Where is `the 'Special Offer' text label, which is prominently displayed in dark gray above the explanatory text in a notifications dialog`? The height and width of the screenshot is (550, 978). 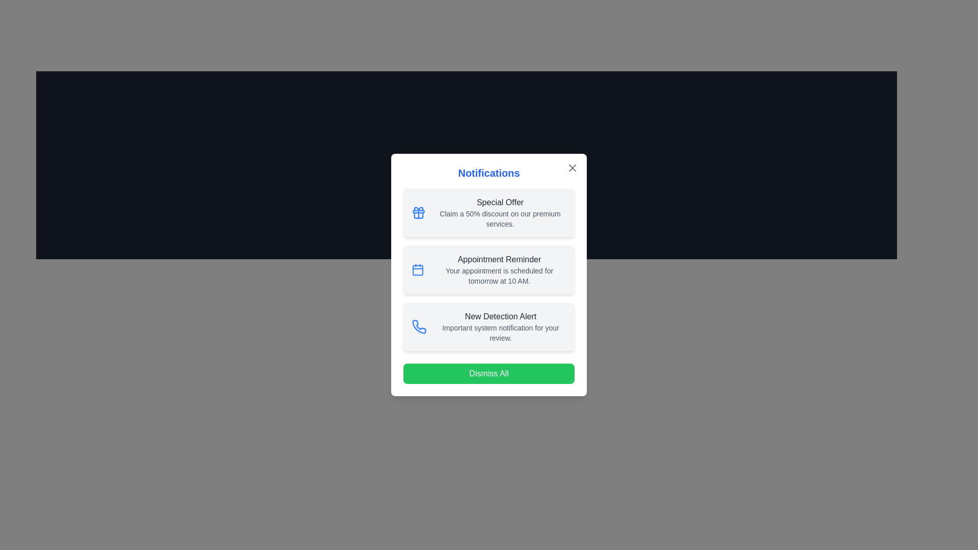
the 'Special Offer' text label, which is prominently displayed in dark gray above the explanatory text in a notifications dialog is located at coordinates (500, 202).